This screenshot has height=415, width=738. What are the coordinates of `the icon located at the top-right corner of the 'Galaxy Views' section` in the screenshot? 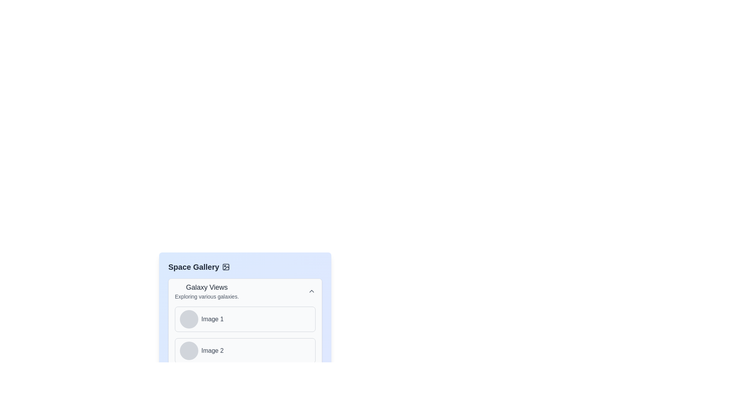 It's located at (312, 291).